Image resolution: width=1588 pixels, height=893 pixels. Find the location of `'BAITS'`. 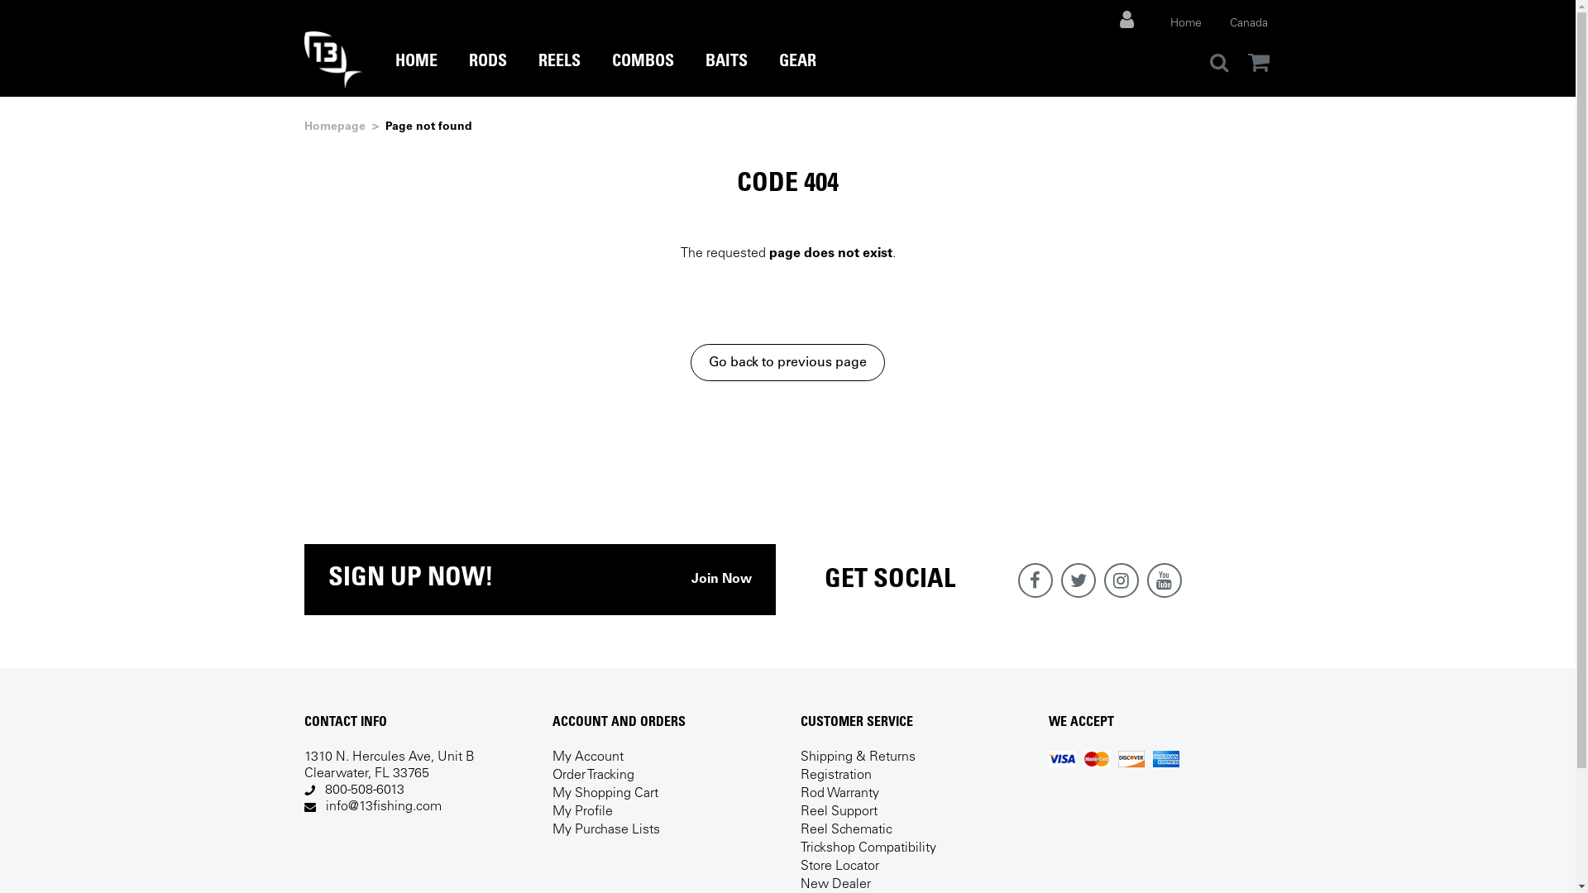

'BAITS' is located at coordinates (704, 74).